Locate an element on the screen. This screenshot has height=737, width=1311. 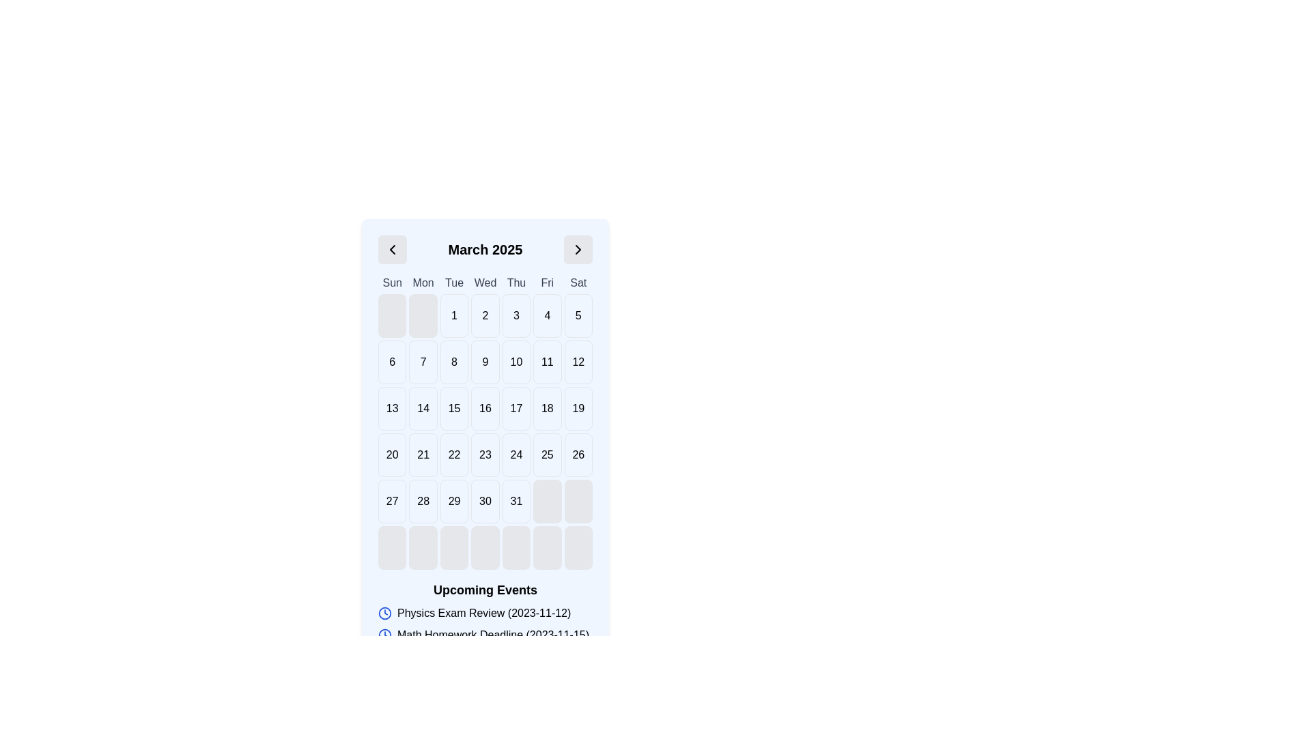
the left-pointing chevron-shaped icon in the calendar's header section to possibly reveal a tooltip or visual feedback is located at coordinates (392, 250).